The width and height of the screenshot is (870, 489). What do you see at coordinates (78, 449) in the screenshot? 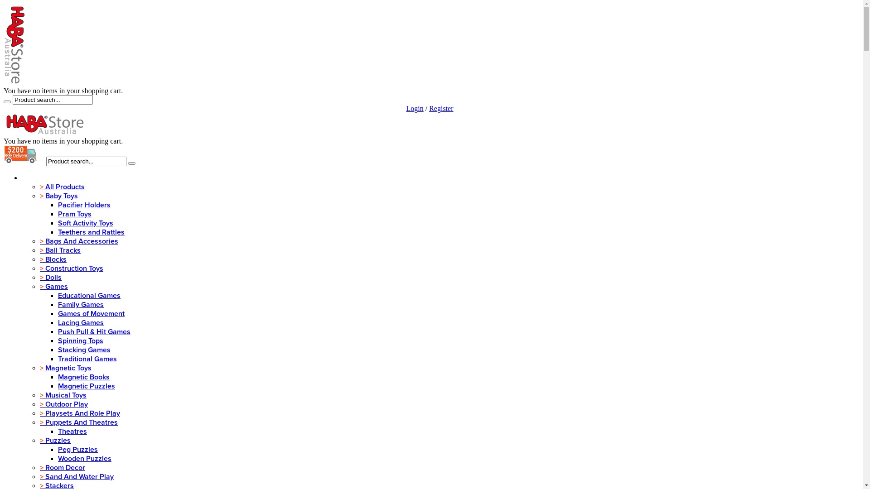
I see `'Peg Puzzles'` at bounding box center [78, 449].